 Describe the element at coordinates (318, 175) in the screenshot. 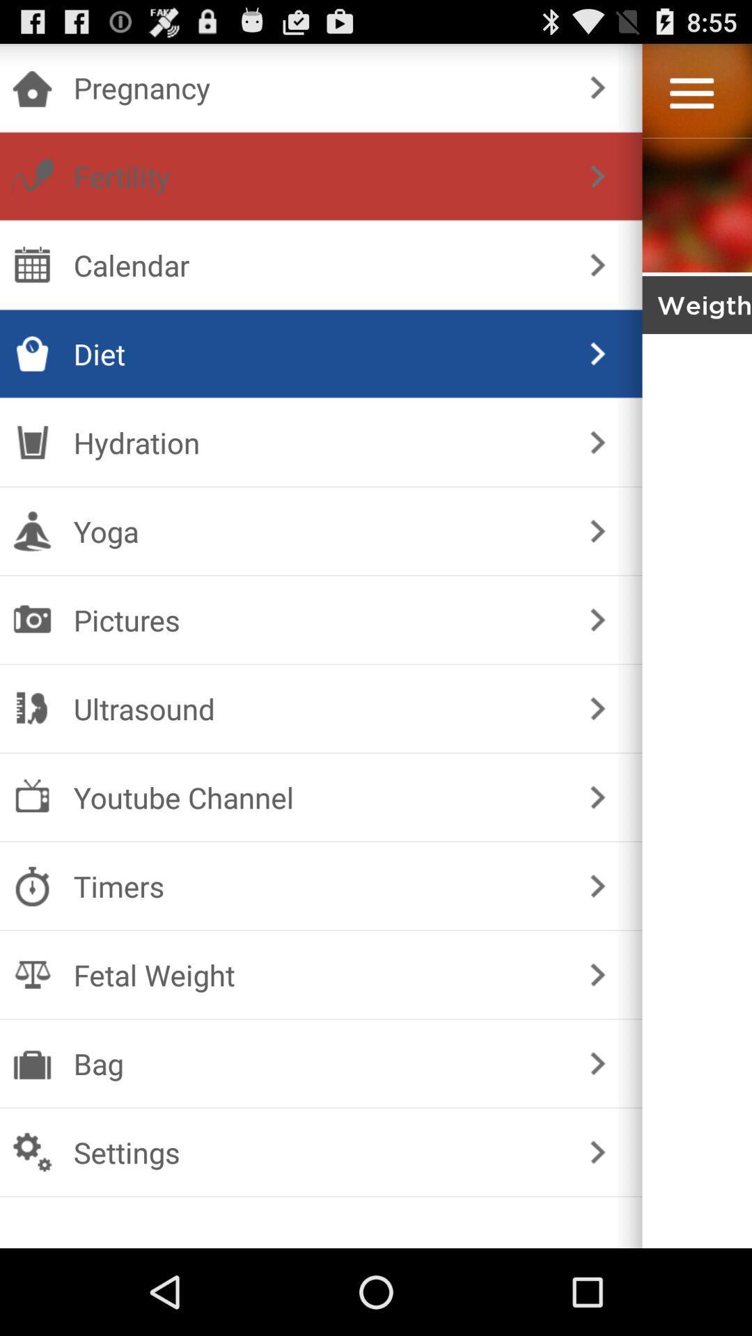

I see `the item above the calendar item` at that location.